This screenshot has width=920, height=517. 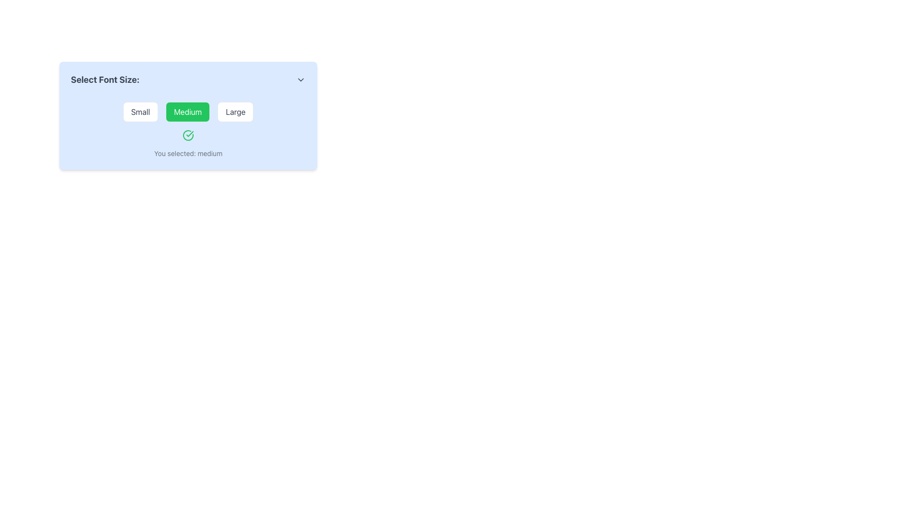 What do you see at coordinates (188, 135) in the screenshot?
I see `the illustrative confirmation icon indicating that 'Medium' is the selected font size, located below the buttons in the 'Select Font Size' module` at bounding box center [188, 135].